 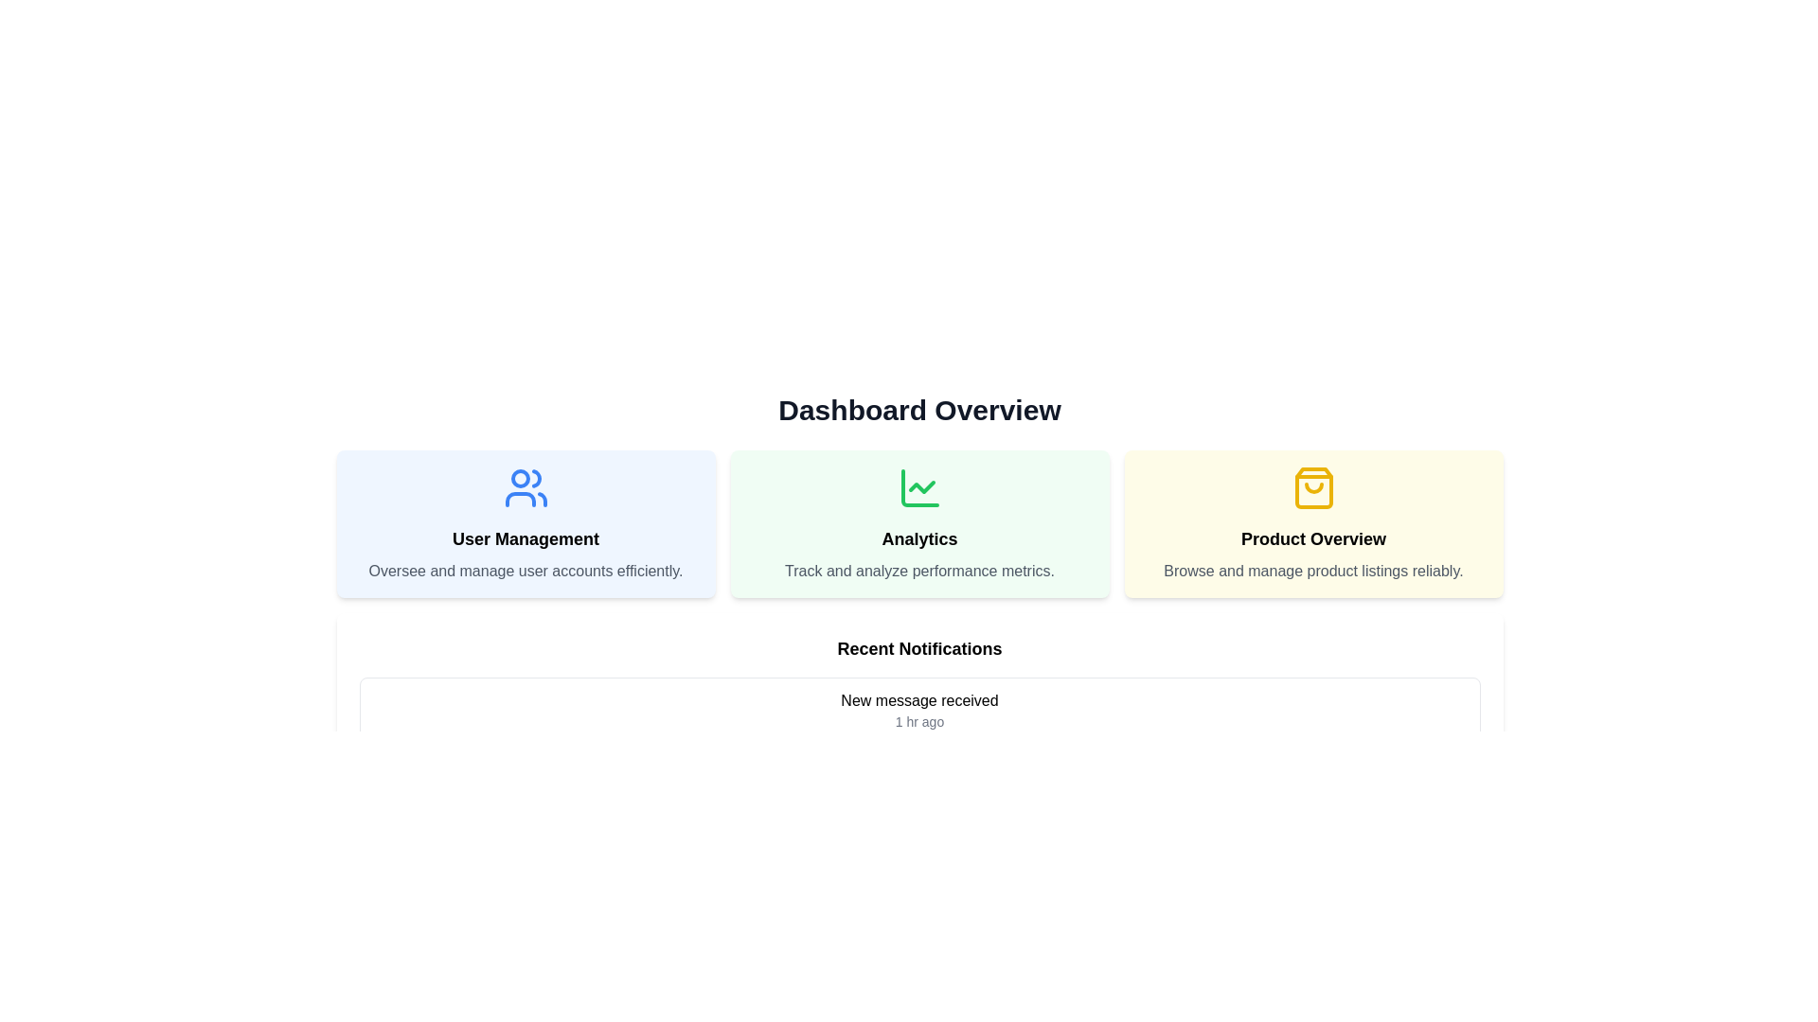 What do you see at coordinates (919, 487) in the screenshot?
I see `the design of the analytics icon located in the center card titled 'Analytics' which represents performance tracking` at bounding box center [919, 487].